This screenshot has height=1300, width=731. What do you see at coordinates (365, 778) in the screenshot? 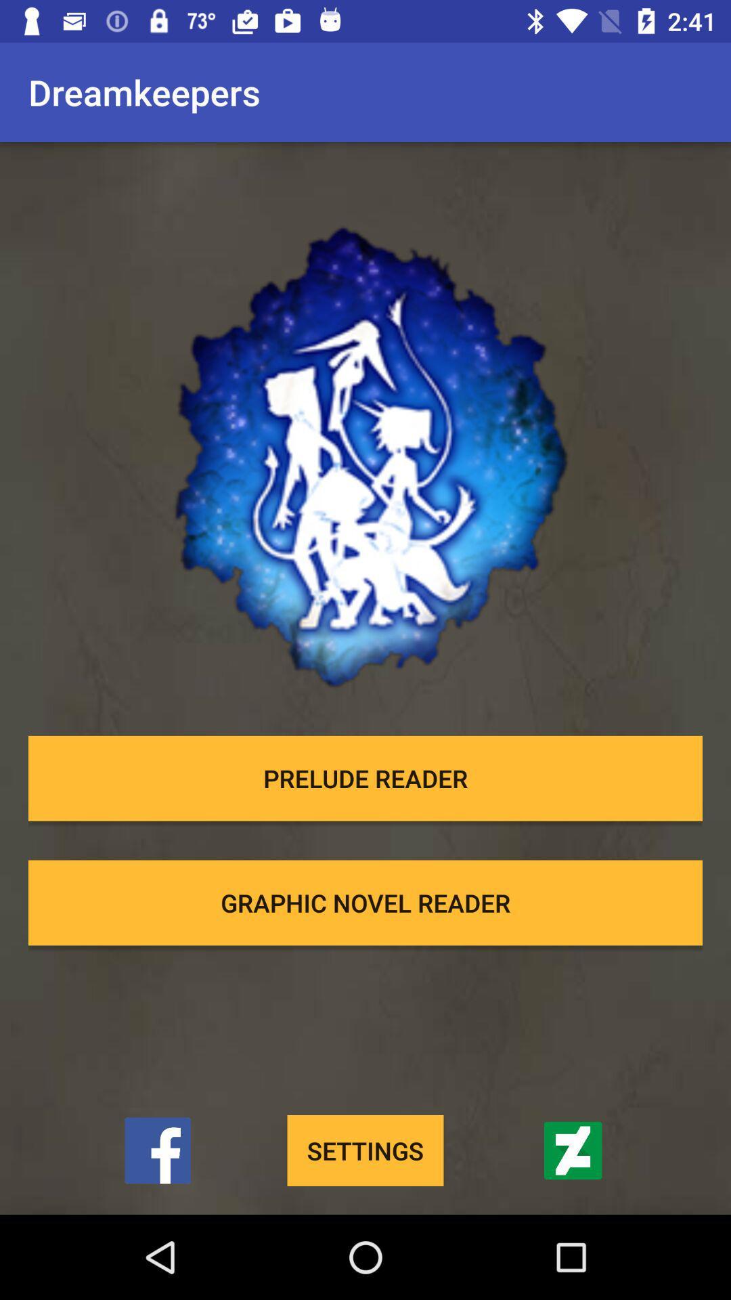
I see `the icon above graphic novel reader icon` at bounding box center [365, 778].